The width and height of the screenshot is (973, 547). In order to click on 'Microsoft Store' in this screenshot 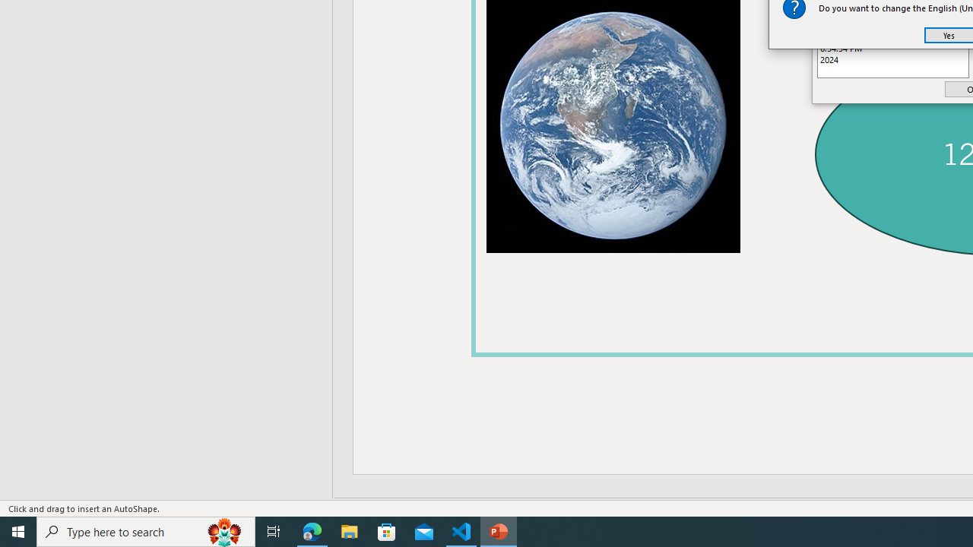, I will do `click(387, 530)`.